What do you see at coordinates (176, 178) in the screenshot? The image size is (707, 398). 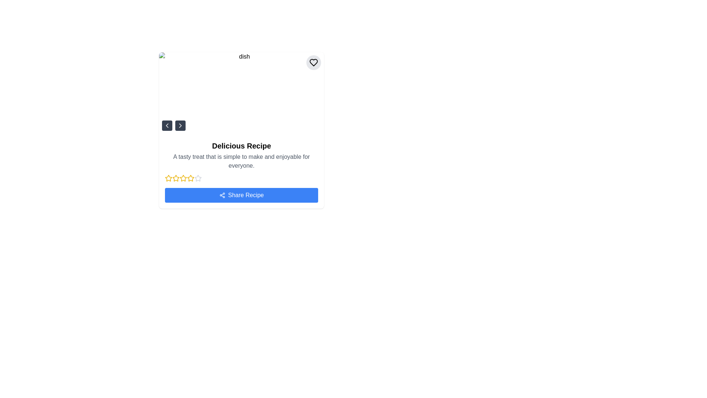 I see `the third star icon in the rating system` at bounding box center [176, 178].